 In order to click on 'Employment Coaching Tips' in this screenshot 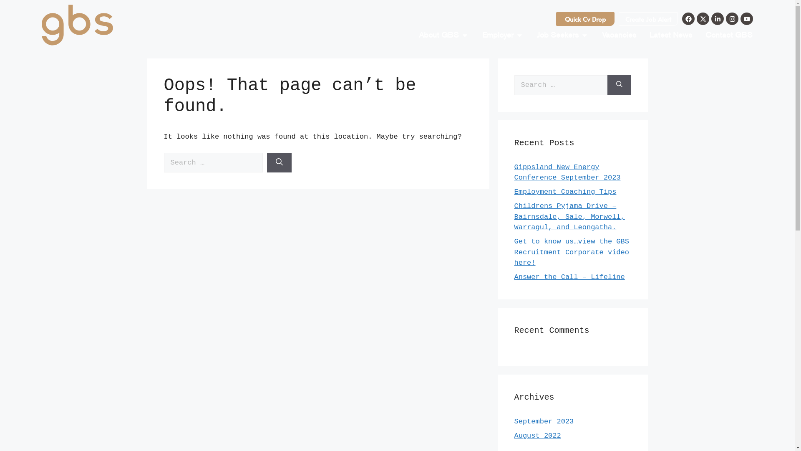, I will do `click(565, 192)`.